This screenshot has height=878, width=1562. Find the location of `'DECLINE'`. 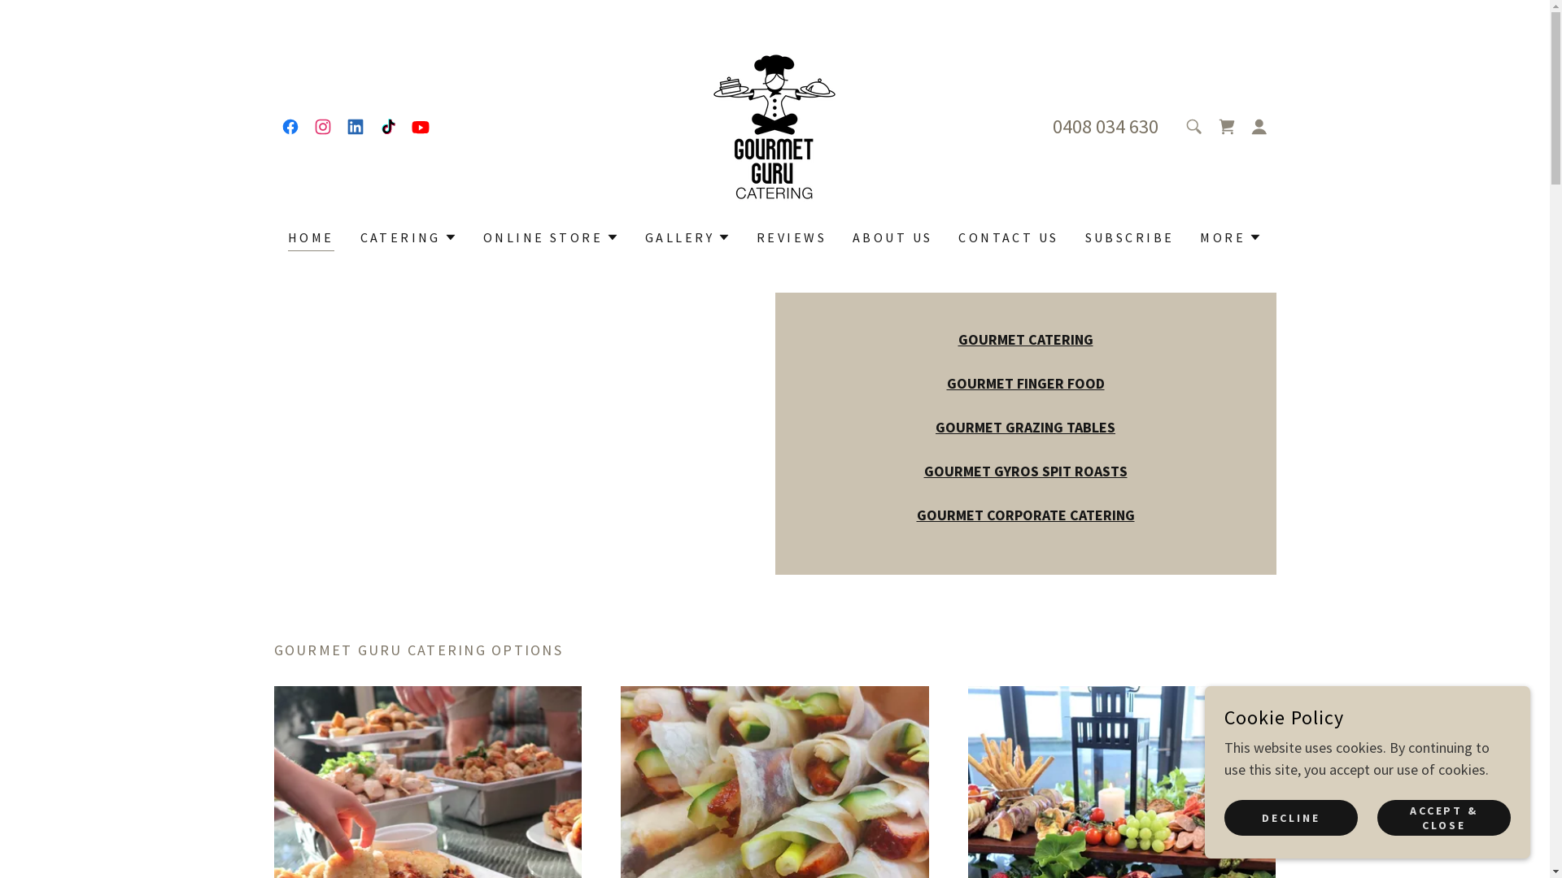

'DECLINE' is located at coordinates (1290, 818).